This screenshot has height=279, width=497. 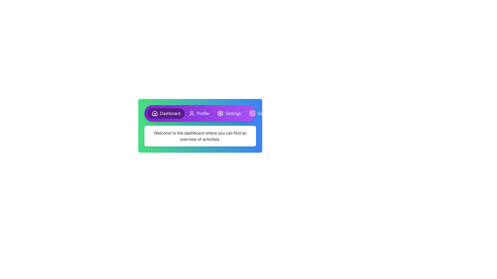 I want to click on the small icon representing an image with a purple background in the navigation bar, so click(x=252, y=113).